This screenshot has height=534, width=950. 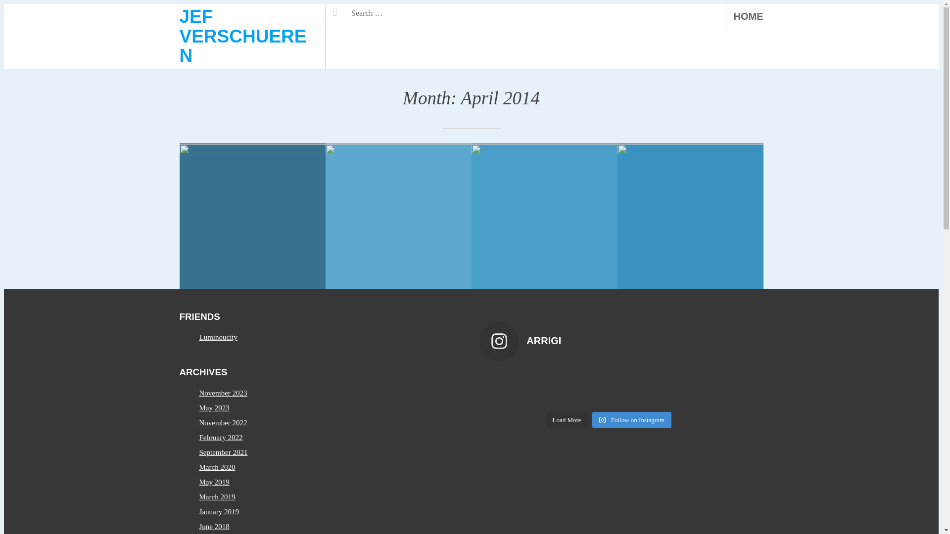 I want to click on 'JEF VERSCHUEREN', so click(x=179, y=36).